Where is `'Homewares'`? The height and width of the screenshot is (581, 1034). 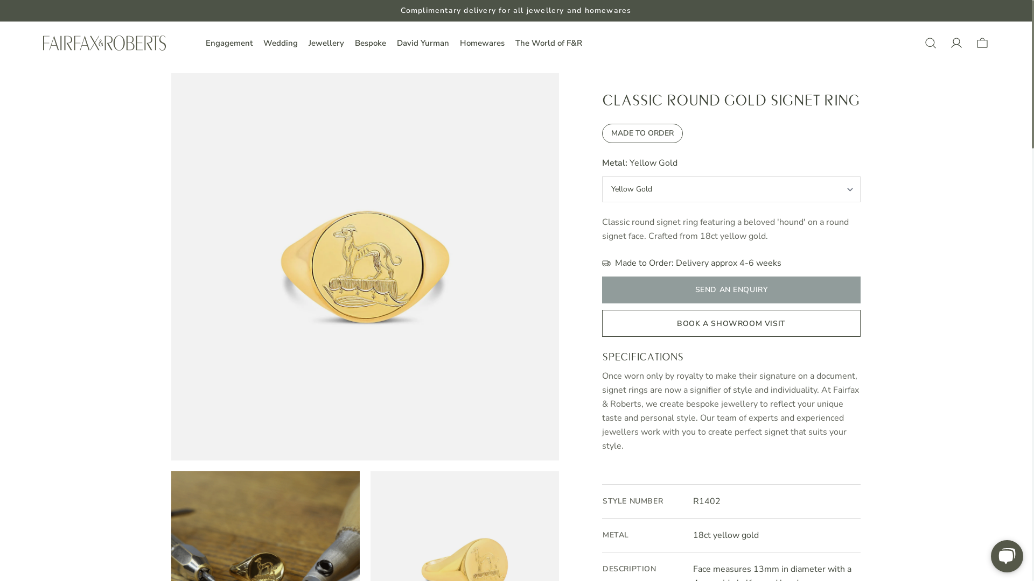 'Homewares' is located at coordinates (460, 42).